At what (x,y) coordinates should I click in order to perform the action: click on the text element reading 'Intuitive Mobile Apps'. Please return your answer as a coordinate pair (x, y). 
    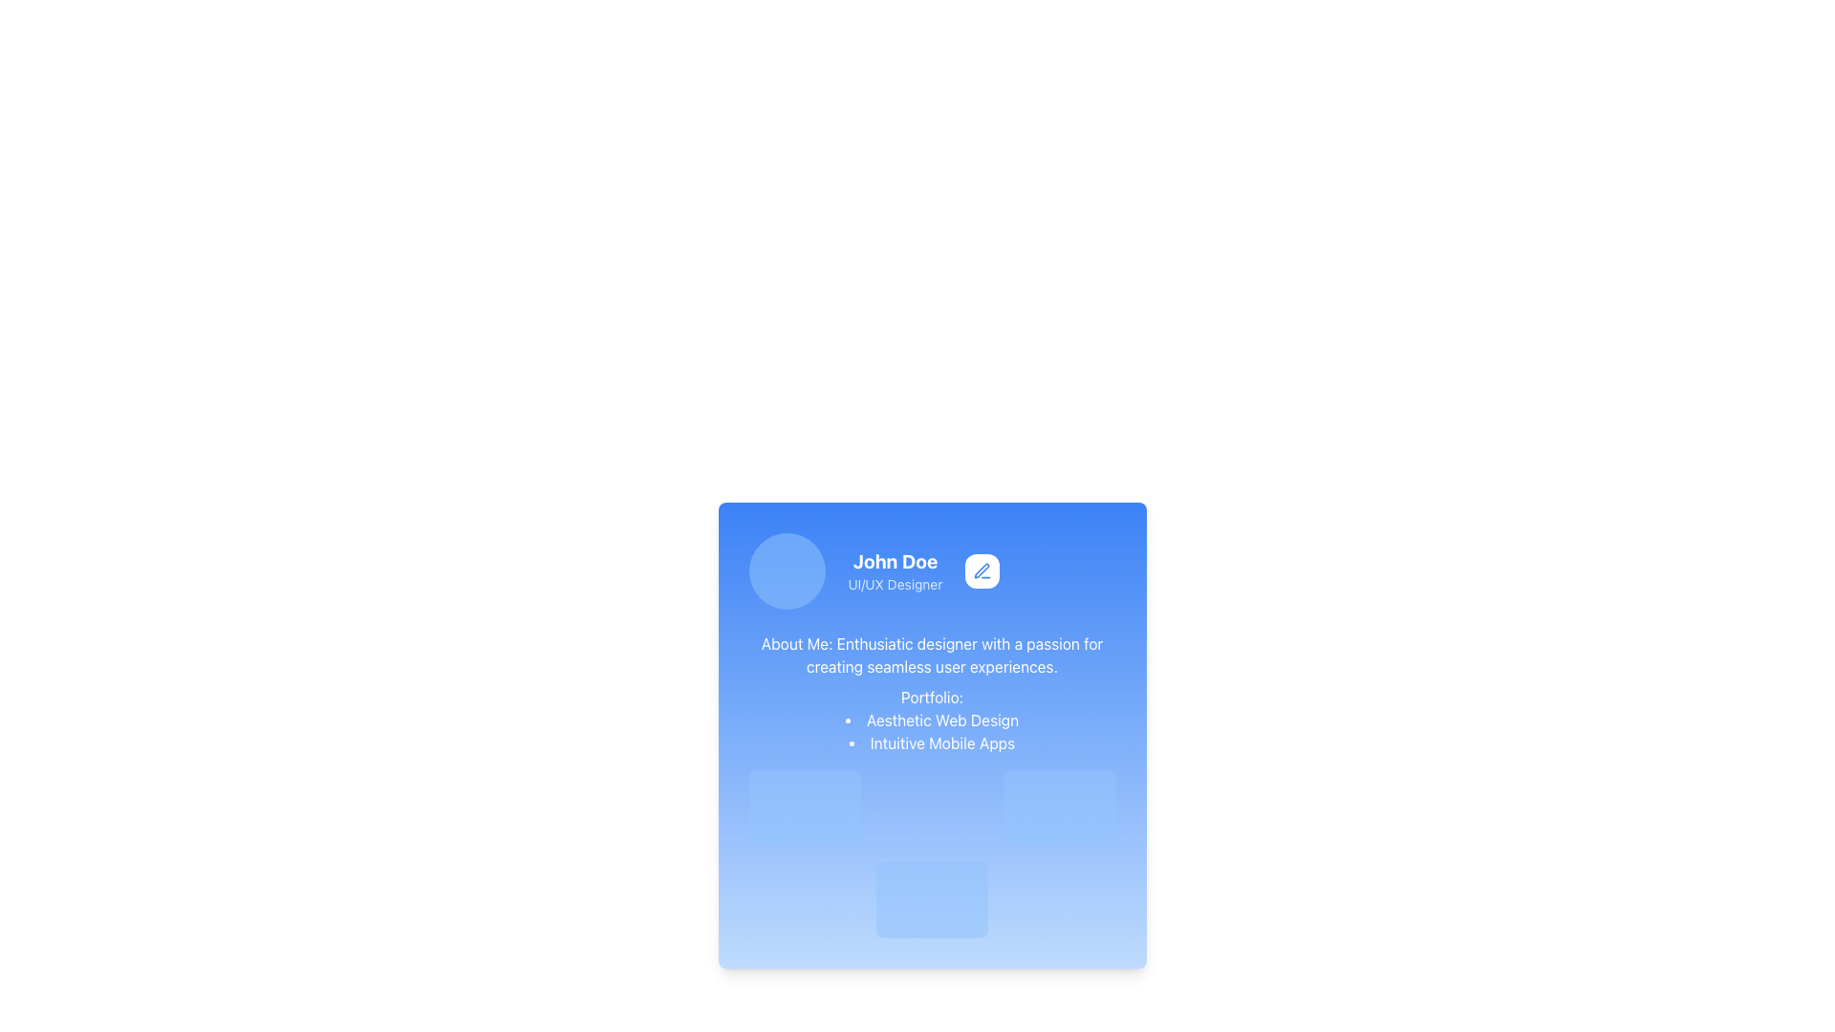
    Looking at the image, I should click on (932, 742).